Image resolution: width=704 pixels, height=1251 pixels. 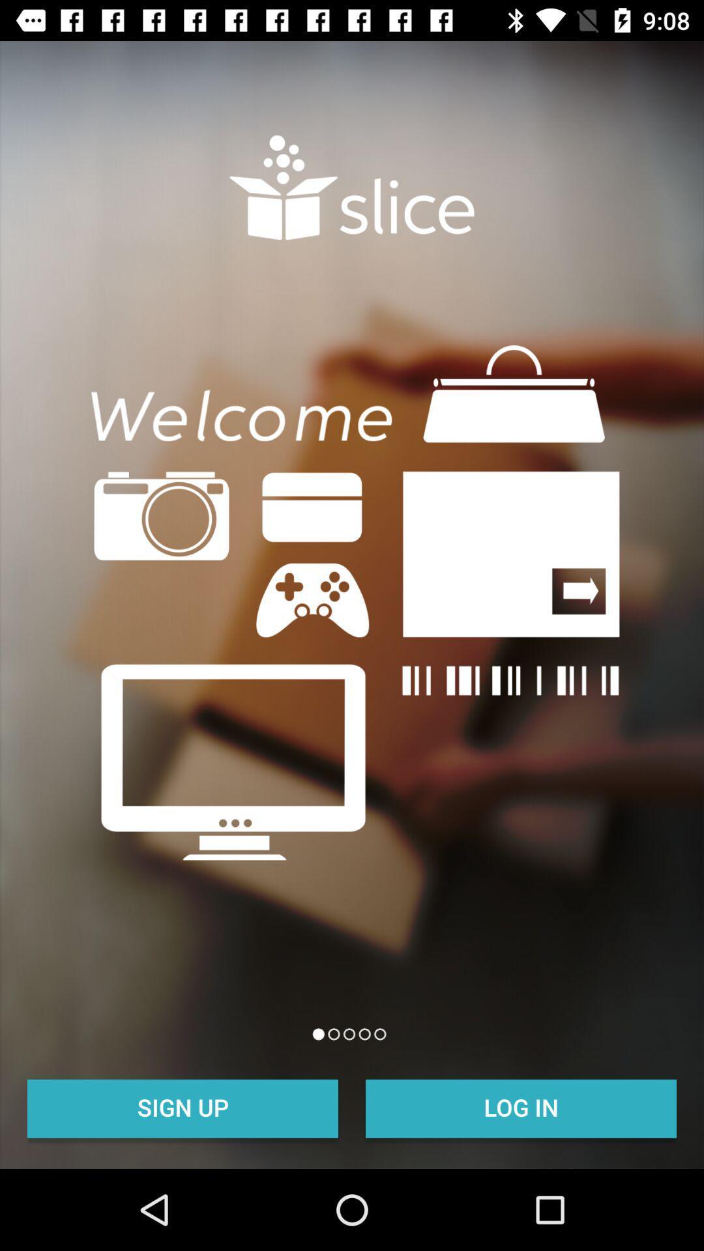 What do you see at coordinates (183, 1106) in the screenshot?
I see `icon to the left of the log in item` at bounding box center [183, 1106].